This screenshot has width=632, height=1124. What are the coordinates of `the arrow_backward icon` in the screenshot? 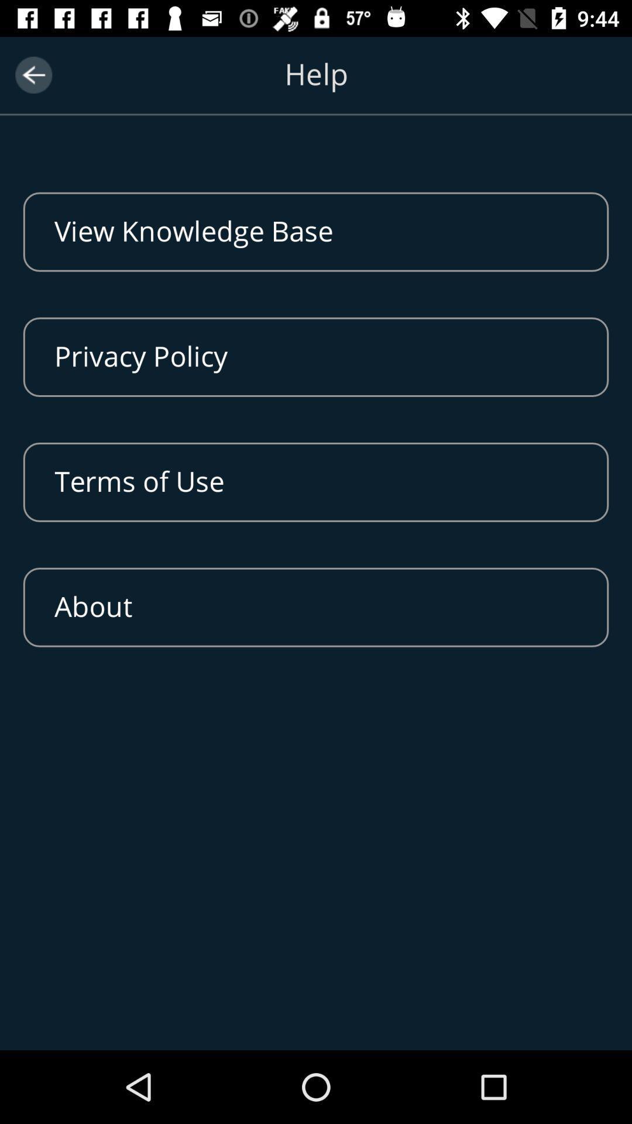 It's located at (33, 74).